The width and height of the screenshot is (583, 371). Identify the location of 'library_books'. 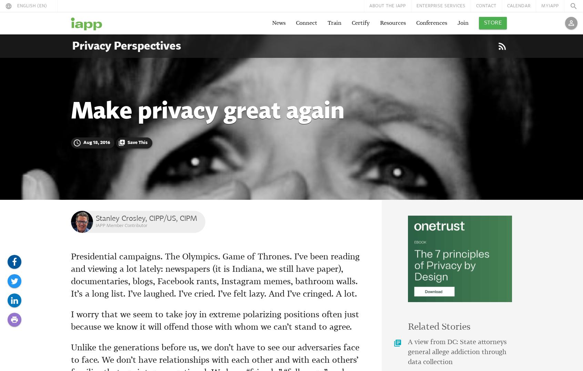
(397, 343).